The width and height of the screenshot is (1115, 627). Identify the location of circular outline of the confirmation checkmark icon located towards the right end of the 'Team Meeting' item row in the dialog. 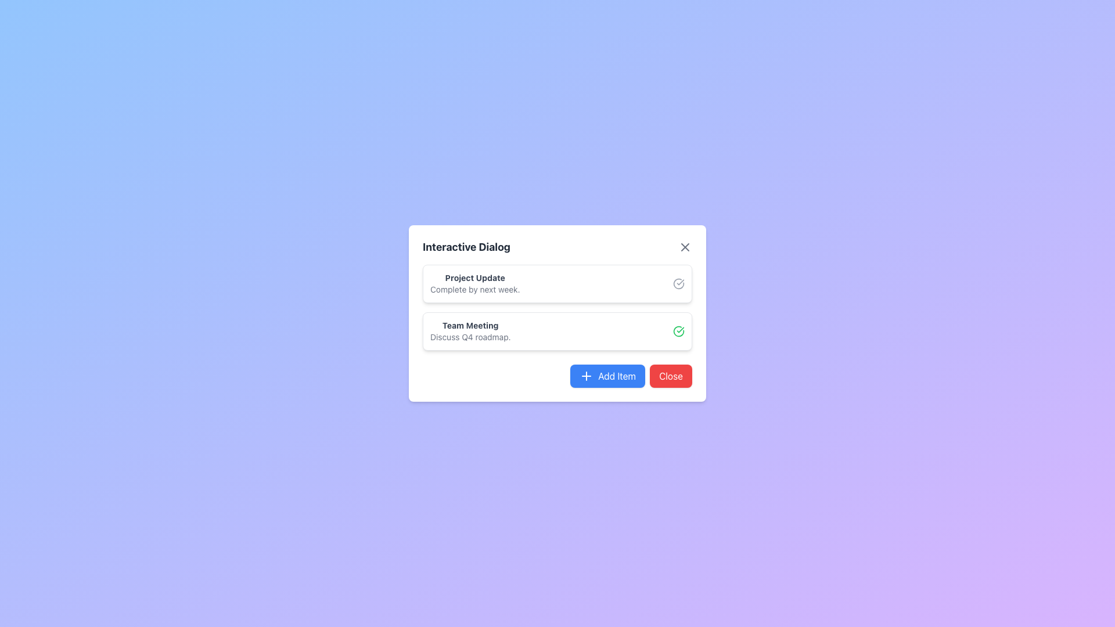
(679, 331).